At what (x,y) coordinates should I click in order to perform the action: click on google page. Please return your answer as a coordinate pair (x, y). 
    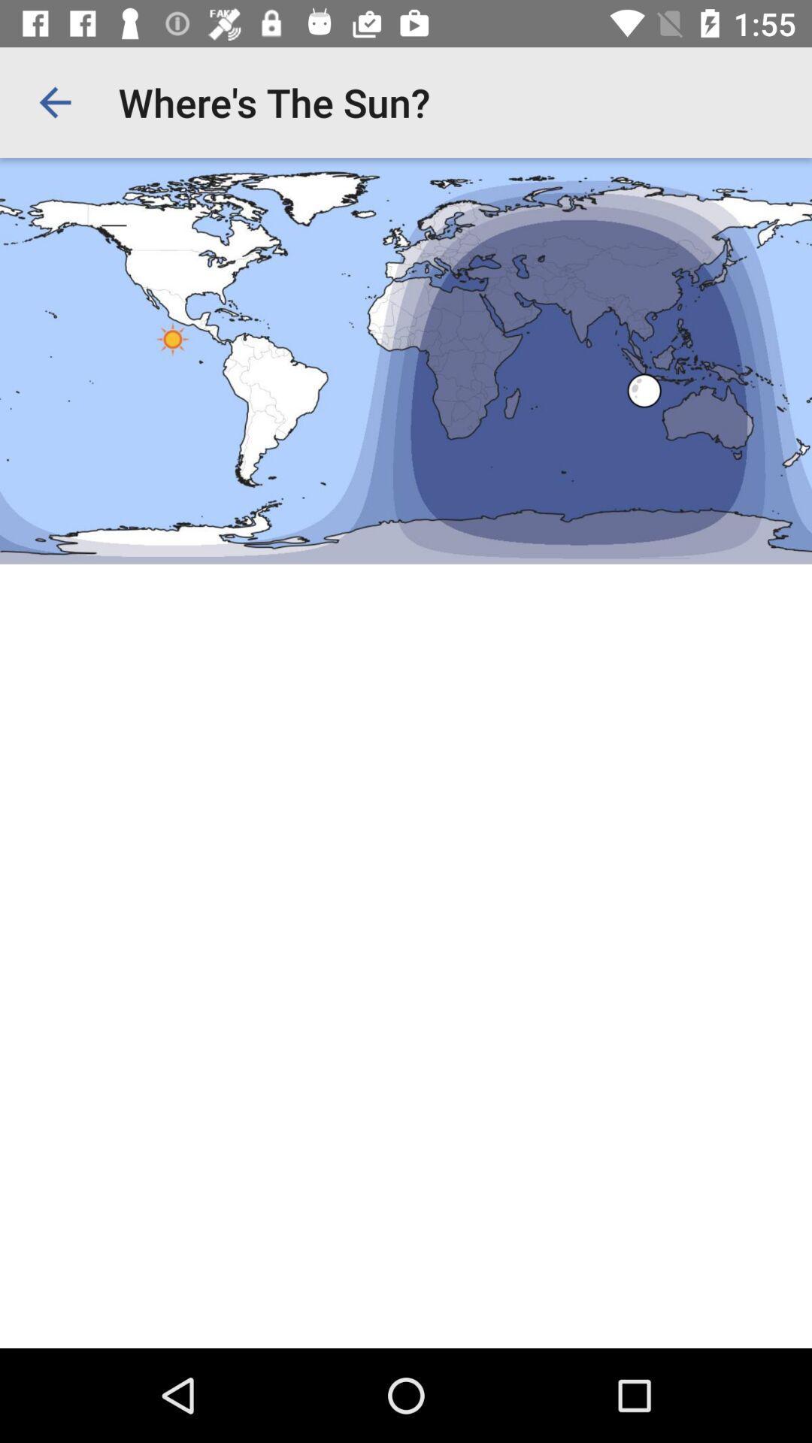
    Looking at the image, I should click on (406, 703).